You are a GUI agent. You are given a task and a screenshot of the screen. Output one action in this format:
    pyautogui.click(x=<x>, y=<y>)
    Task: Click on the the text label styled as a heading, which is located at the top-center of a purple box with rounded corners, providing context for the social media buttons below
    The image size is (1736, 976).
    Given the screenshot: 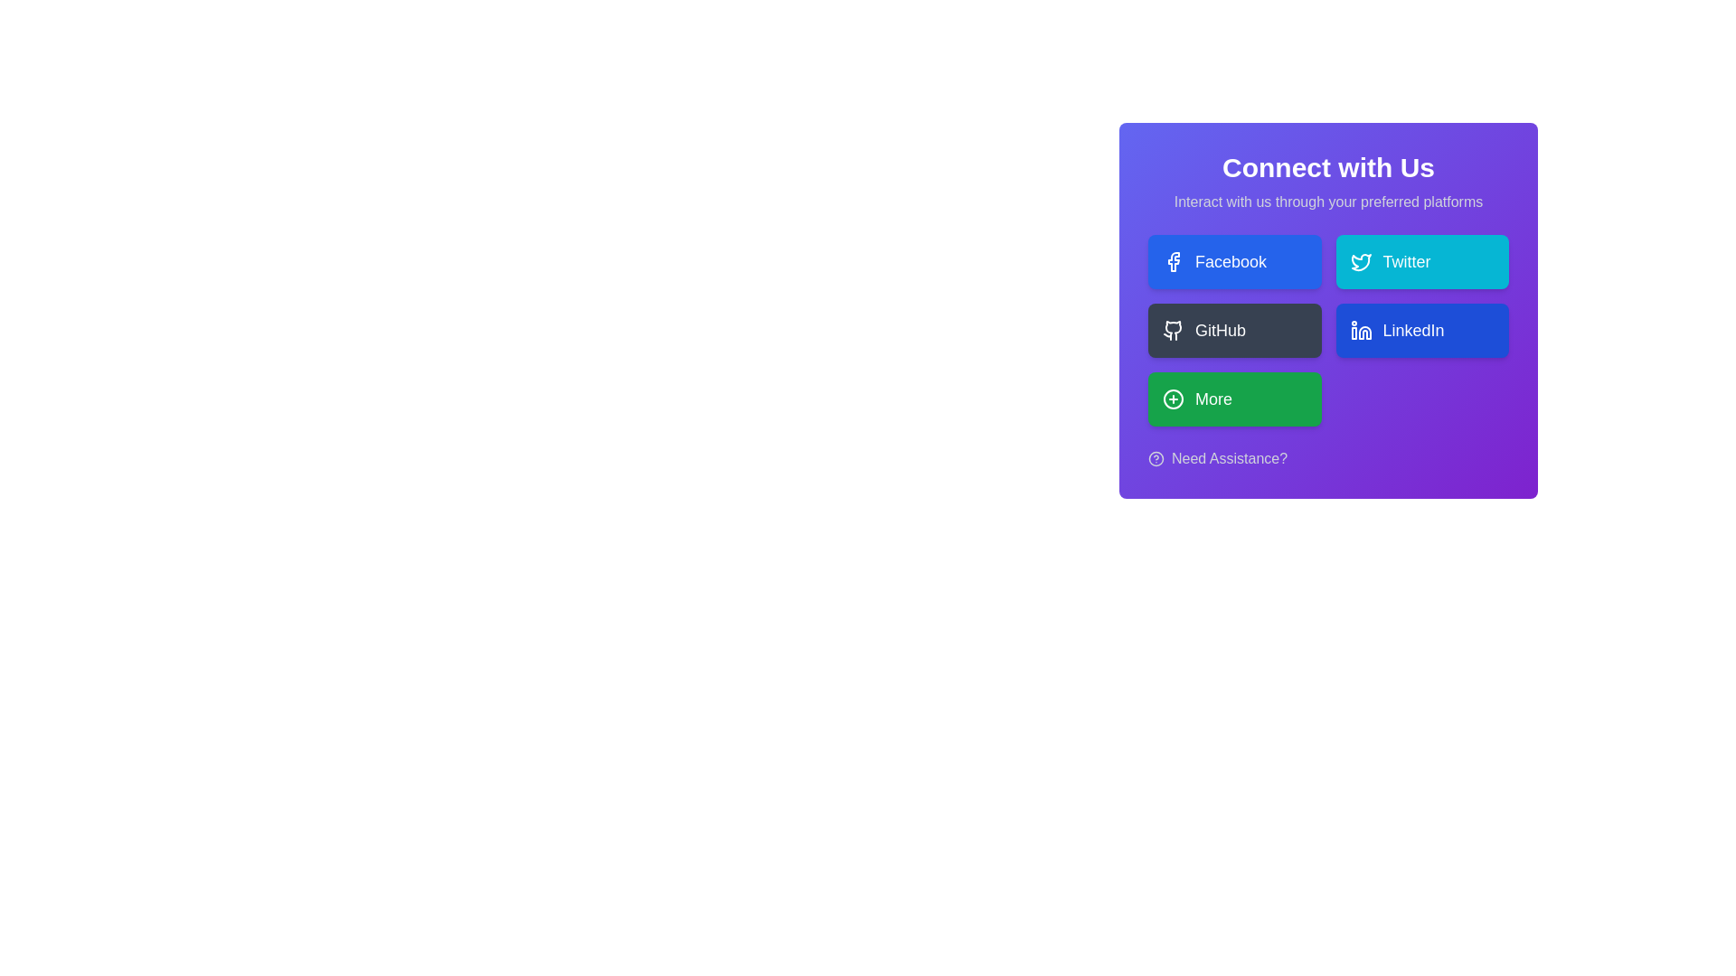 What is the action you would take?
    pyautogui.click(x=1328, y=182)
    